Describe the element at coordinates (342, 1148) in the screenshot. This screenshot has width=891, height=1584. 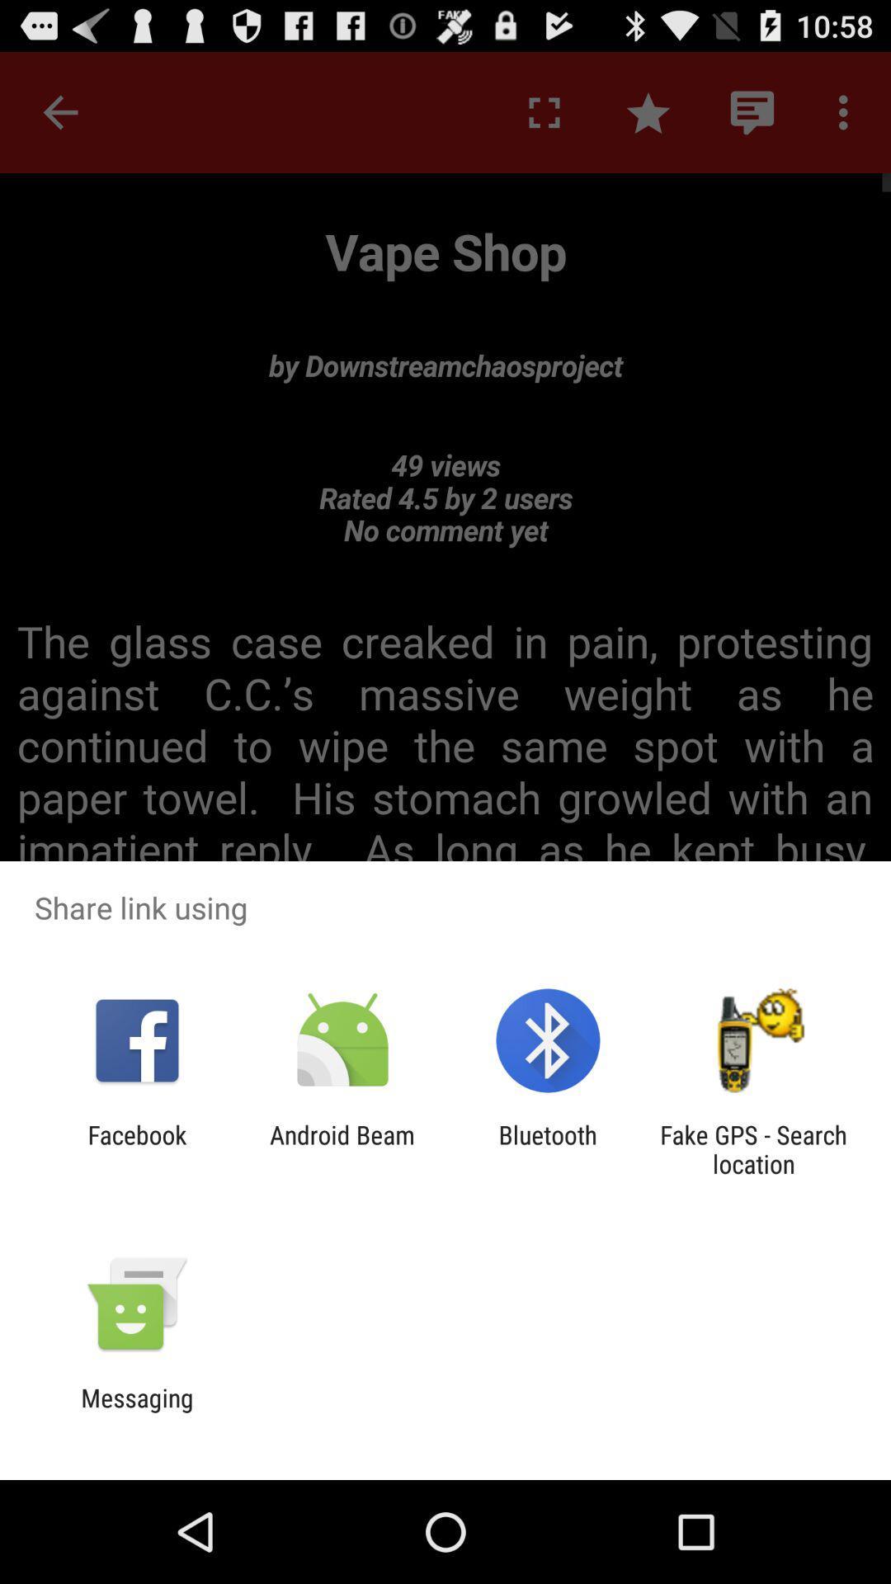
I see `the app next to facebook item` at that location.